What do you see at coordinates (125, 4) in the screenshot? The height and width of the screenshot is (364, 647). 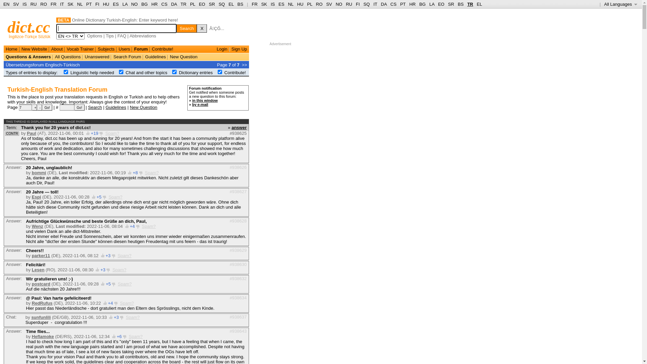 I see `'LA'` at bounding box center [125, 4].